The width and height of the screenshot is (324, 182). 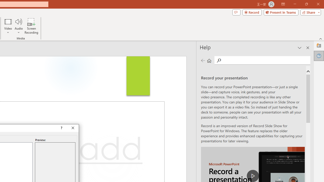 I want to click on 'Video', so click(x=8, y=26).